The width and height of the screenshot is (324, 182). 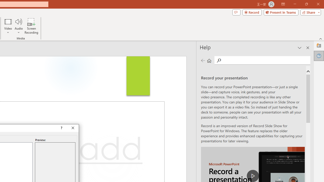 I want to click on 'Video', so click(x=8, y=26).